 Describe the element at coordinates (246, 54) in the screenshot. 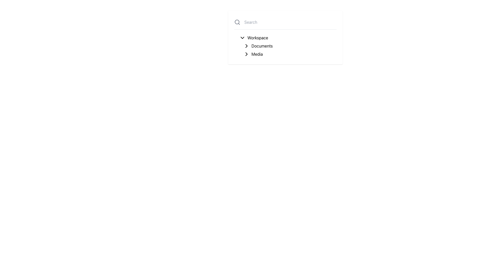

I see `the right arrow icon located in the dropdown list under the 'Workspace' section, positioned directly to the right of the 'Media' label, to indicate a selection or navigate` at that location.